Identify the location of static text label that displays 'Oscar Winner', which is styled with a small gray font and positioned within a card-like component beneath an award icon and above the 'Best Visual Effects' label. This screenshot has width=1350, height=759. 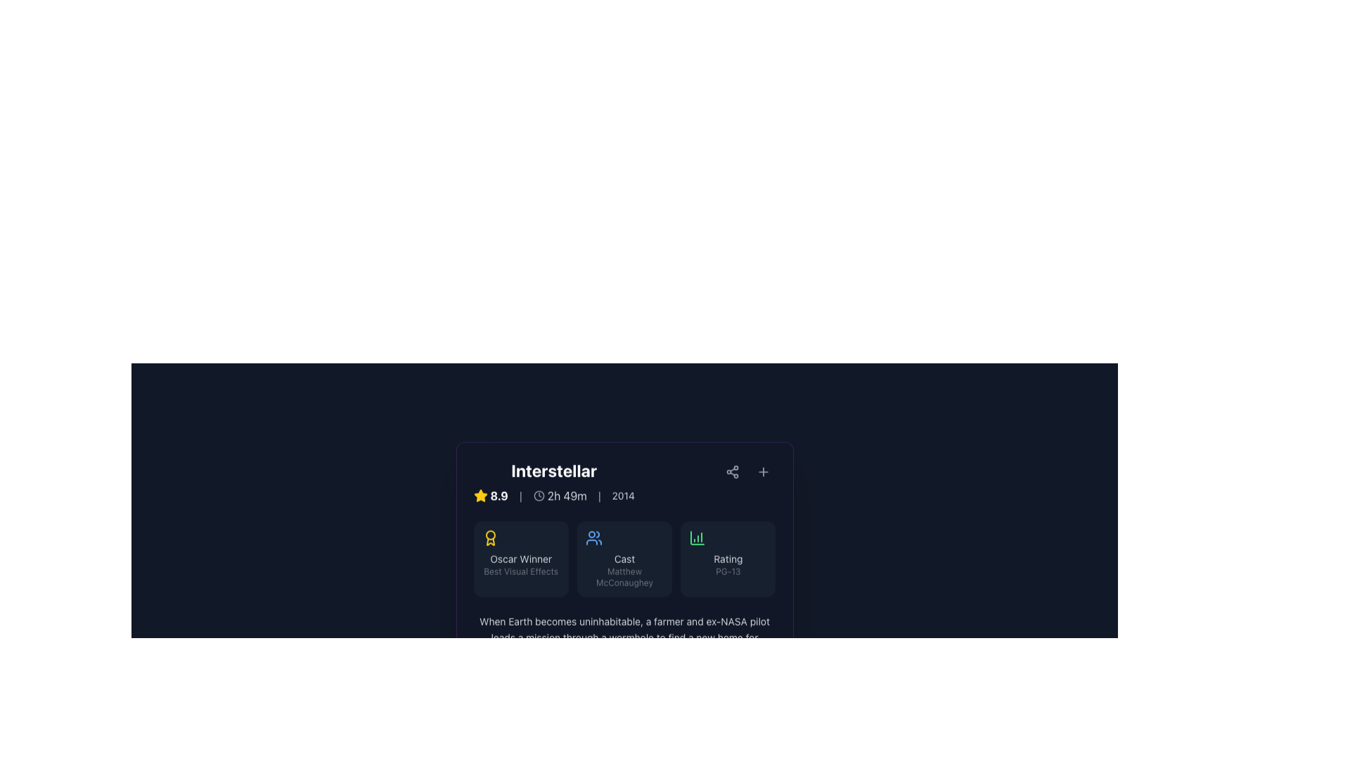
(520, 558).